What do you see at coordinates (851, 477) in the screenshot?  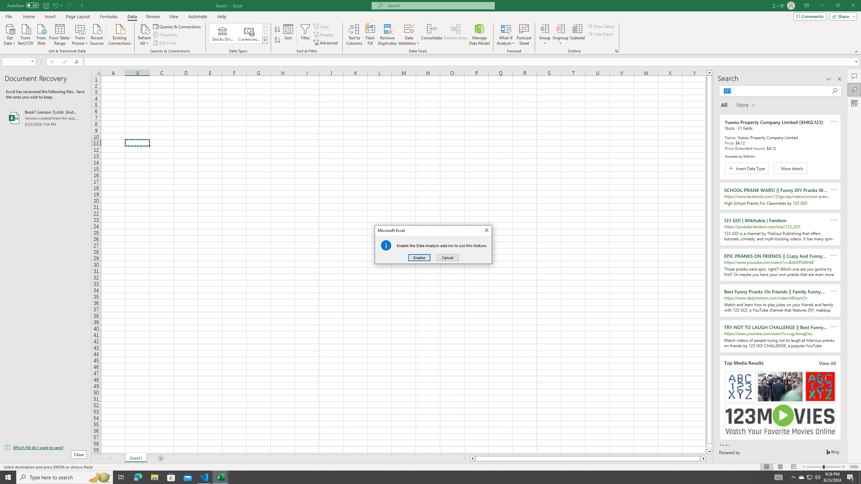 I see `'Action Center, 5 new notifications'` at bounding box center [851, 477].